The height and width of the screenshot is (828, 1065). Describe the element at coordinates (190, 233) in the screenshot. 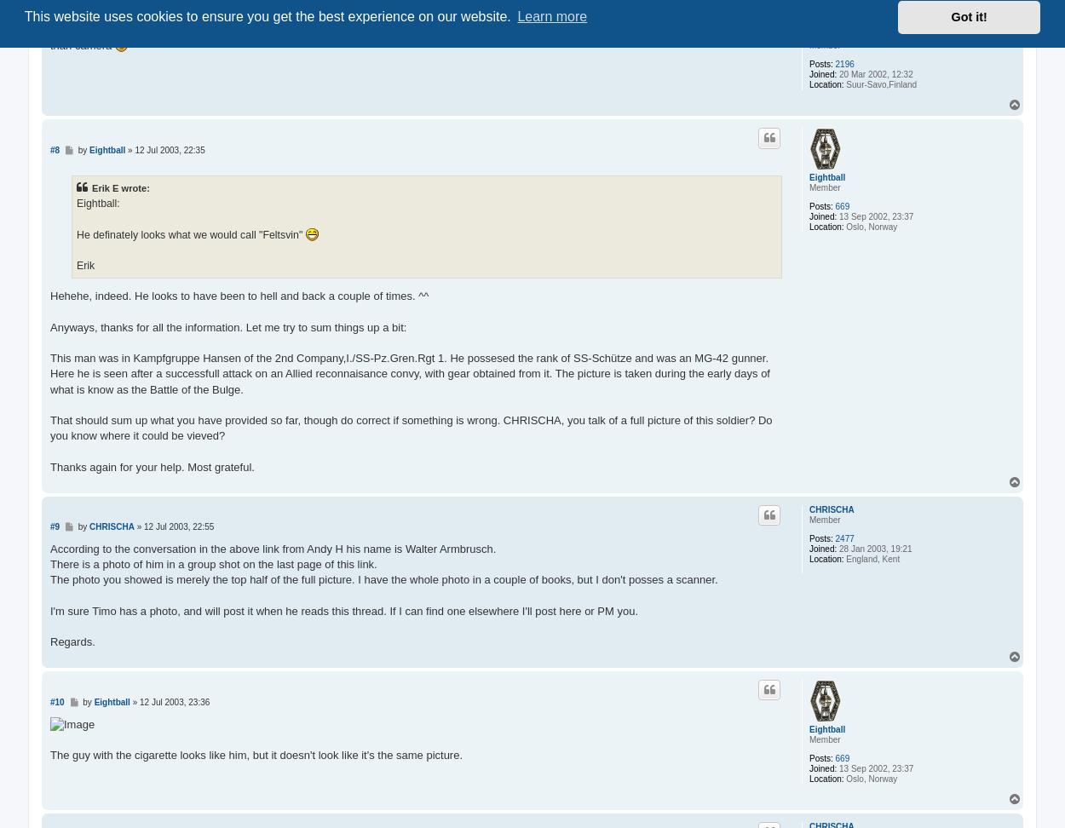

I see `'He definately looks what we would call "Feltsvin"'` at that location.